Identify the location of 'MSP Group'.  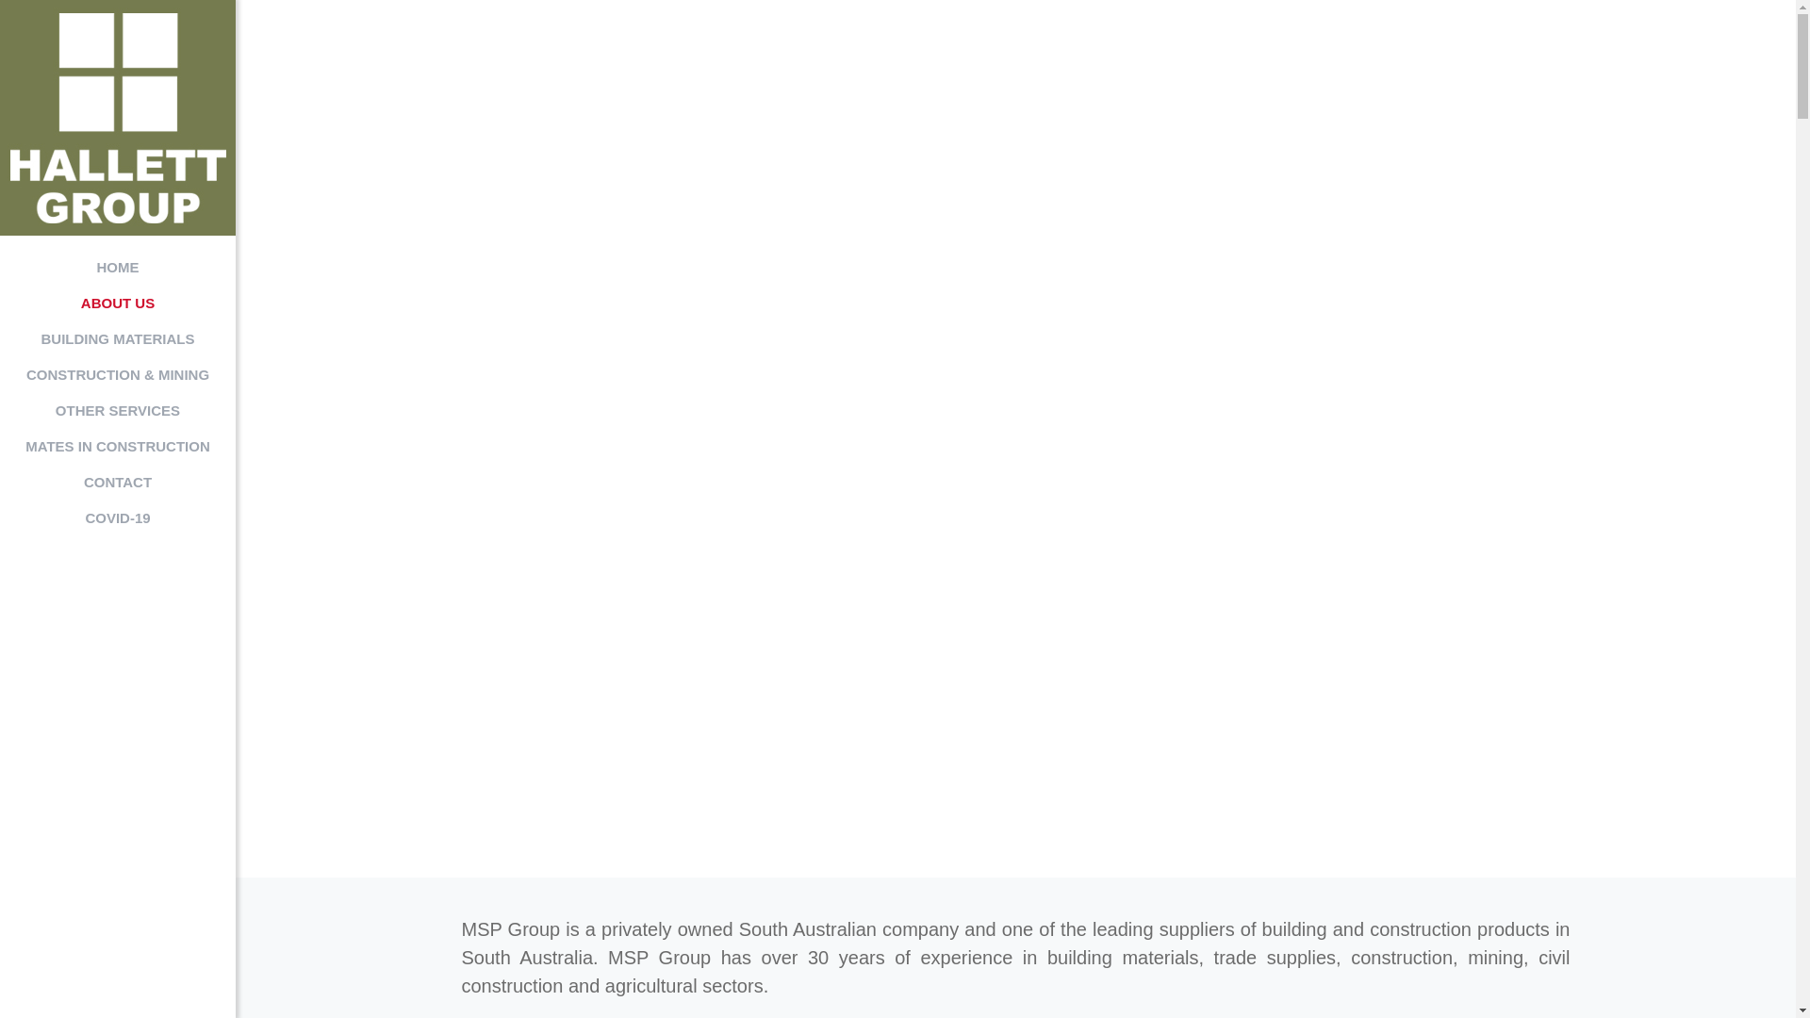
(116, 117).